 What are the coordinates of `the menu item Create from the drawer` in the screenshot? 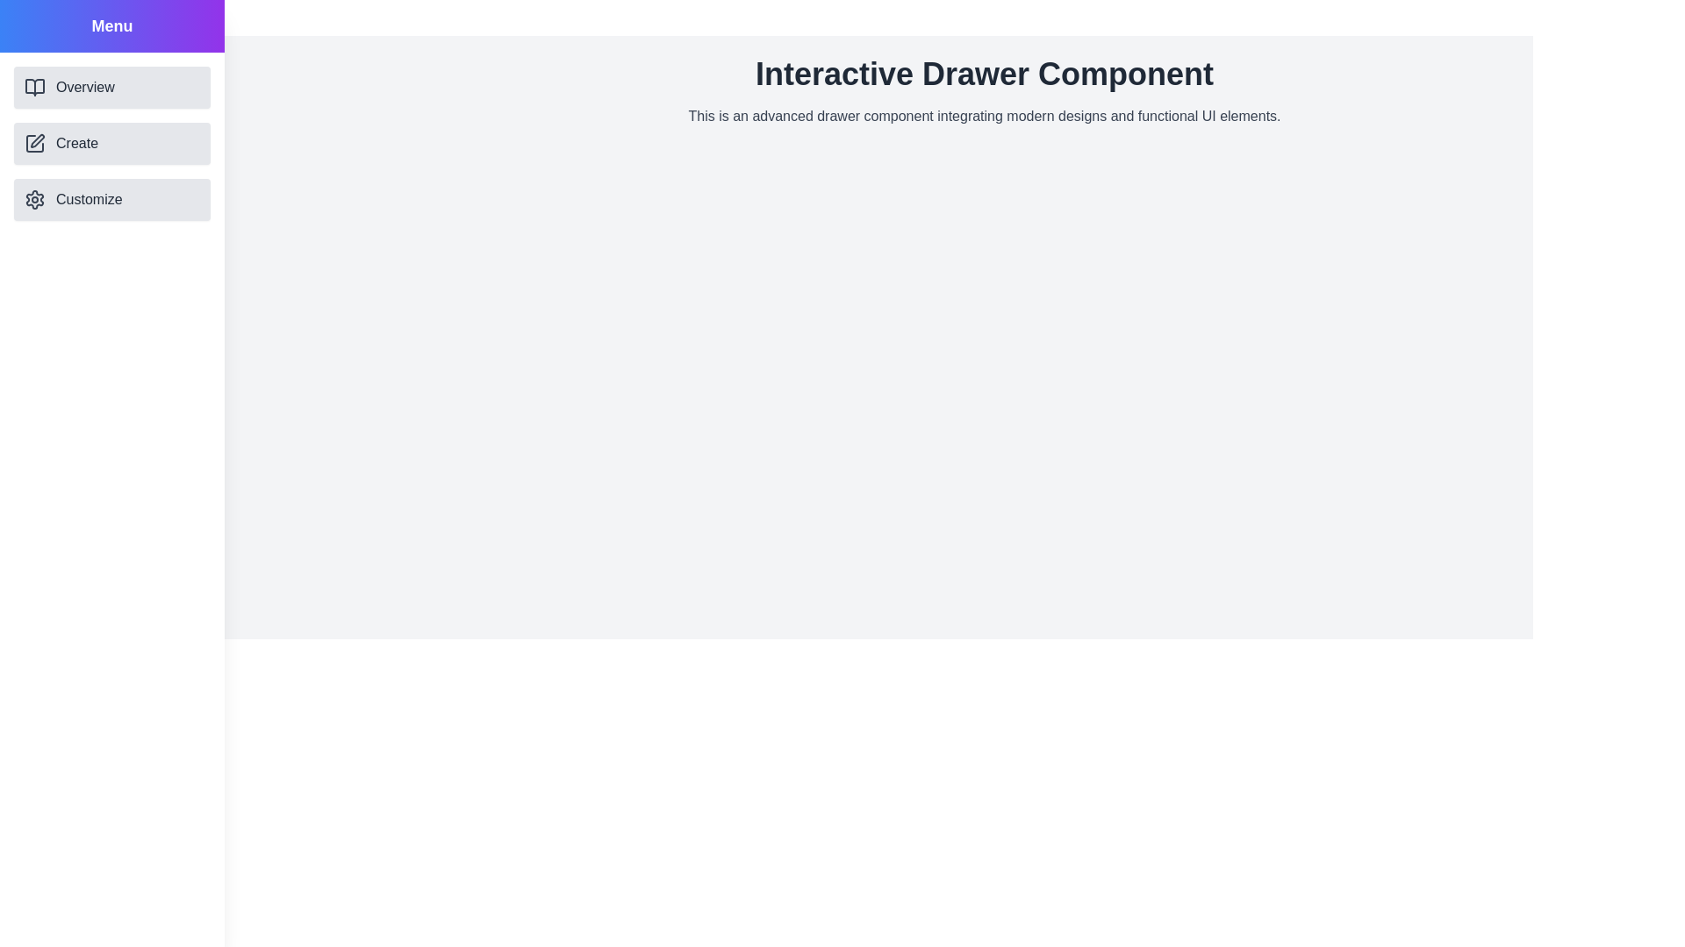 It's located at (111, 143).